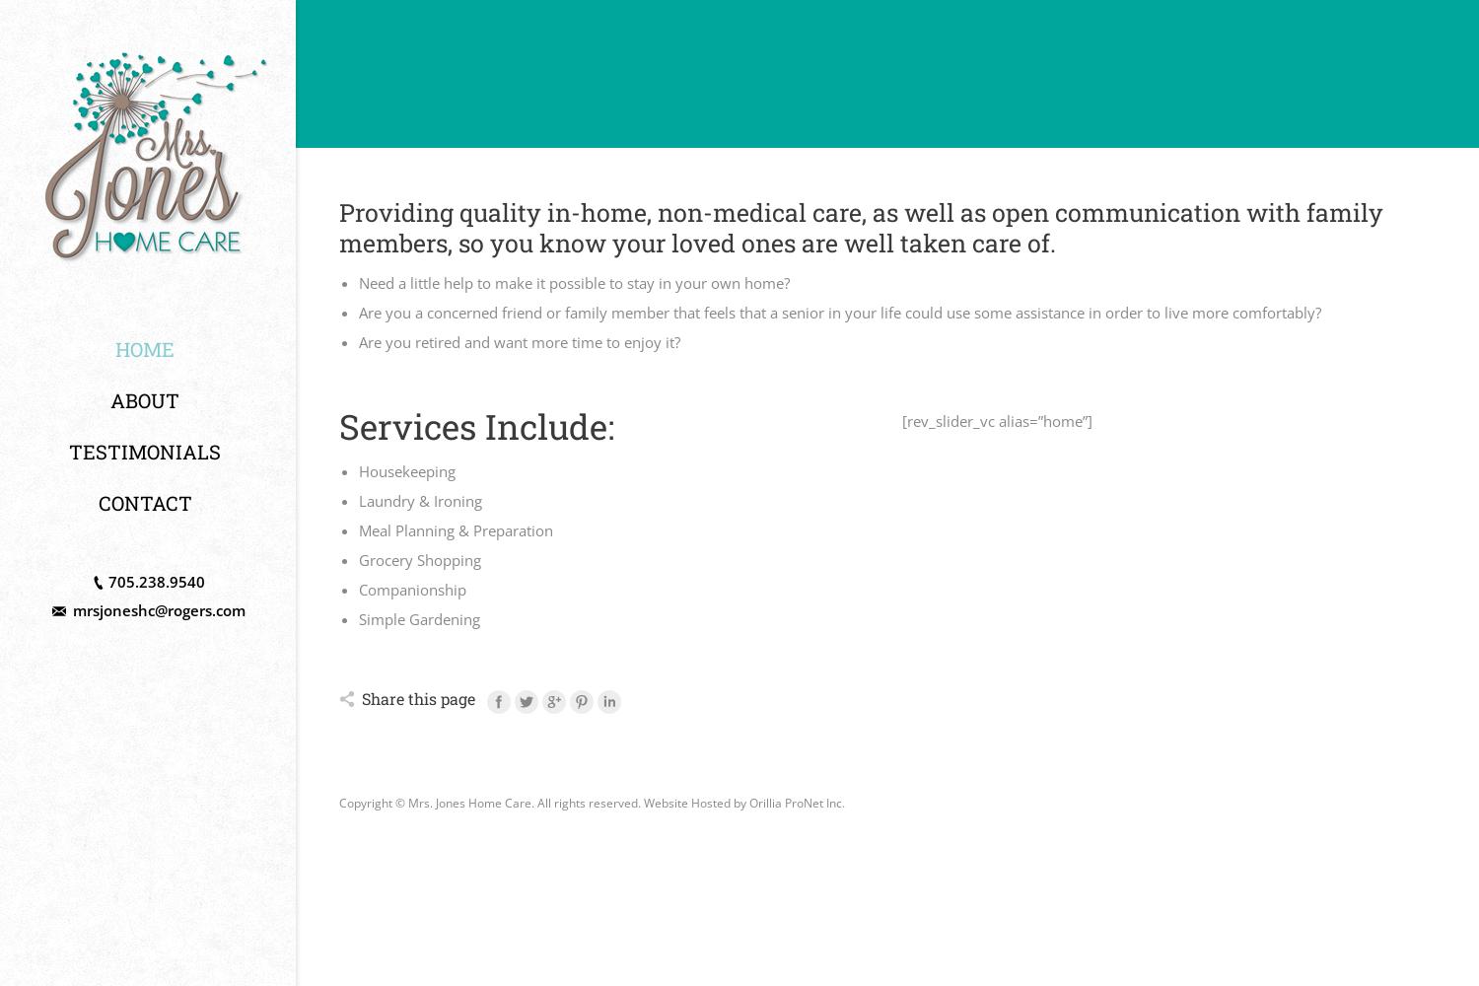  What do you see at coordinates (361, 697) in the screenshot?
I see `'Share this page'` at bounding box center [361, 697].